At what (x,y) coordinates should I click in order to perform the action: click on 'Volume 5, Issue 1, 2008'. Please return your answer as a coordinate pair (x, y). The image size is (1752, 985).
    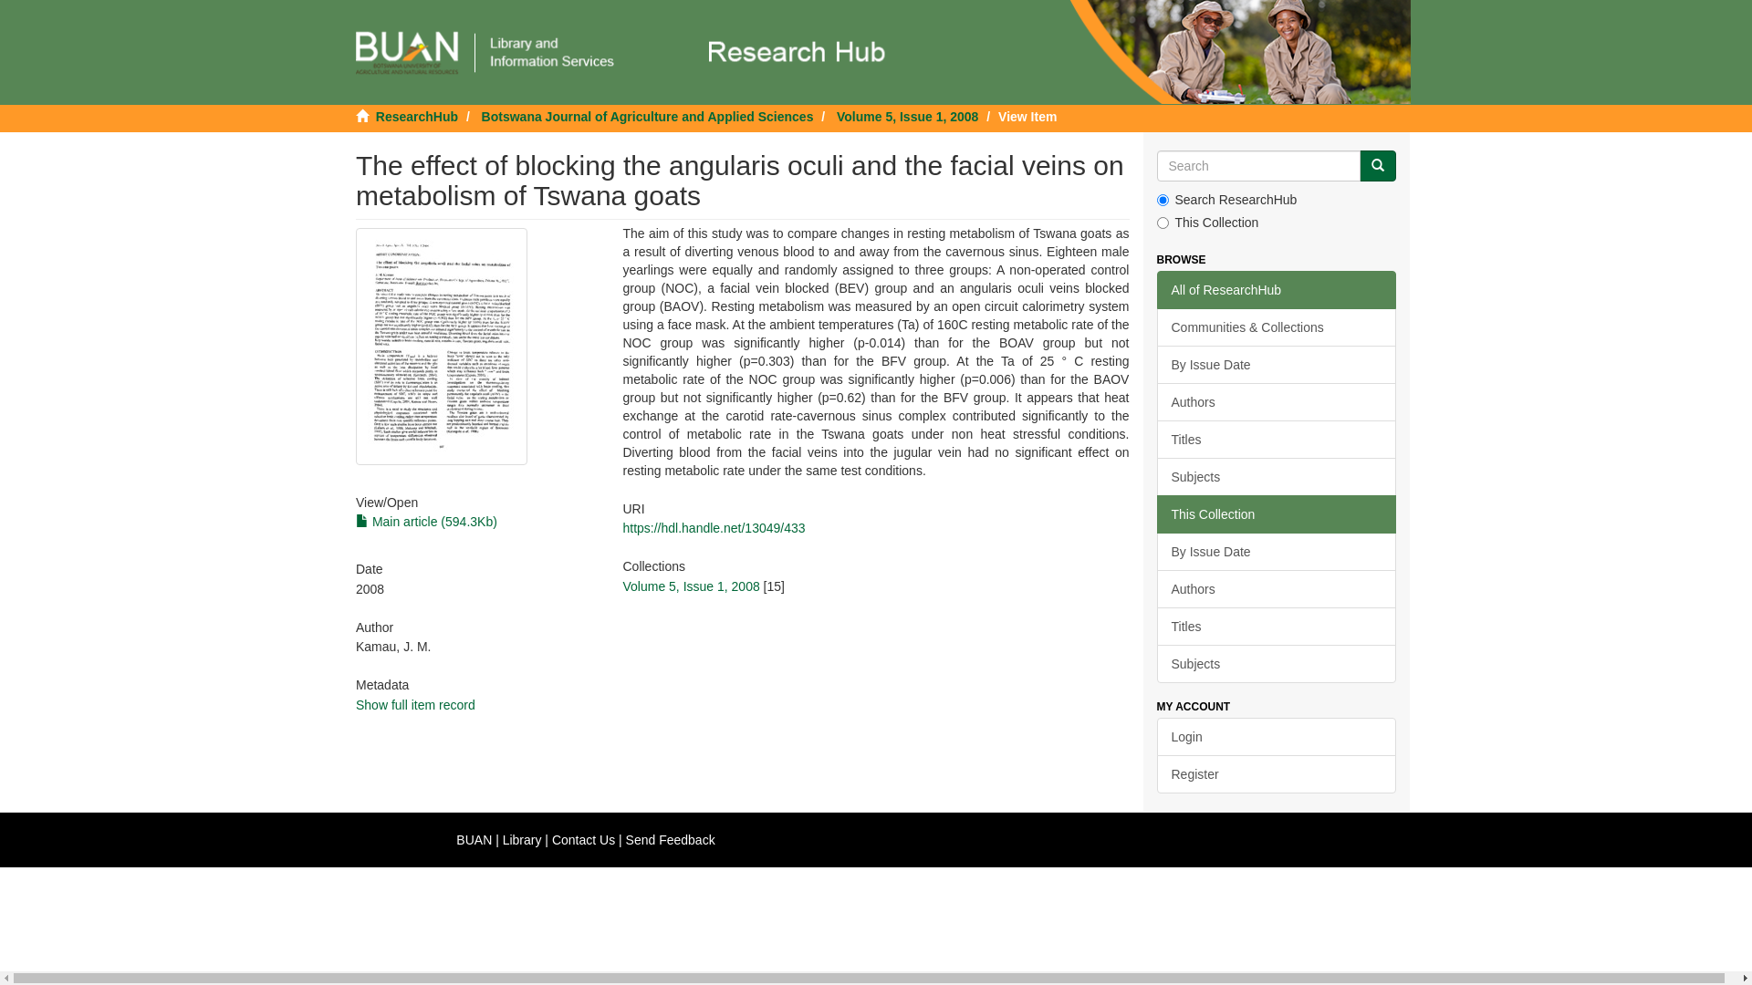
    Looking at the image, I should click on (621, 586).